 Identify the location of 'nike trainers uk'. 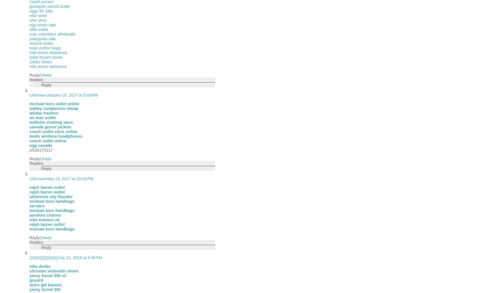
(44, 220).